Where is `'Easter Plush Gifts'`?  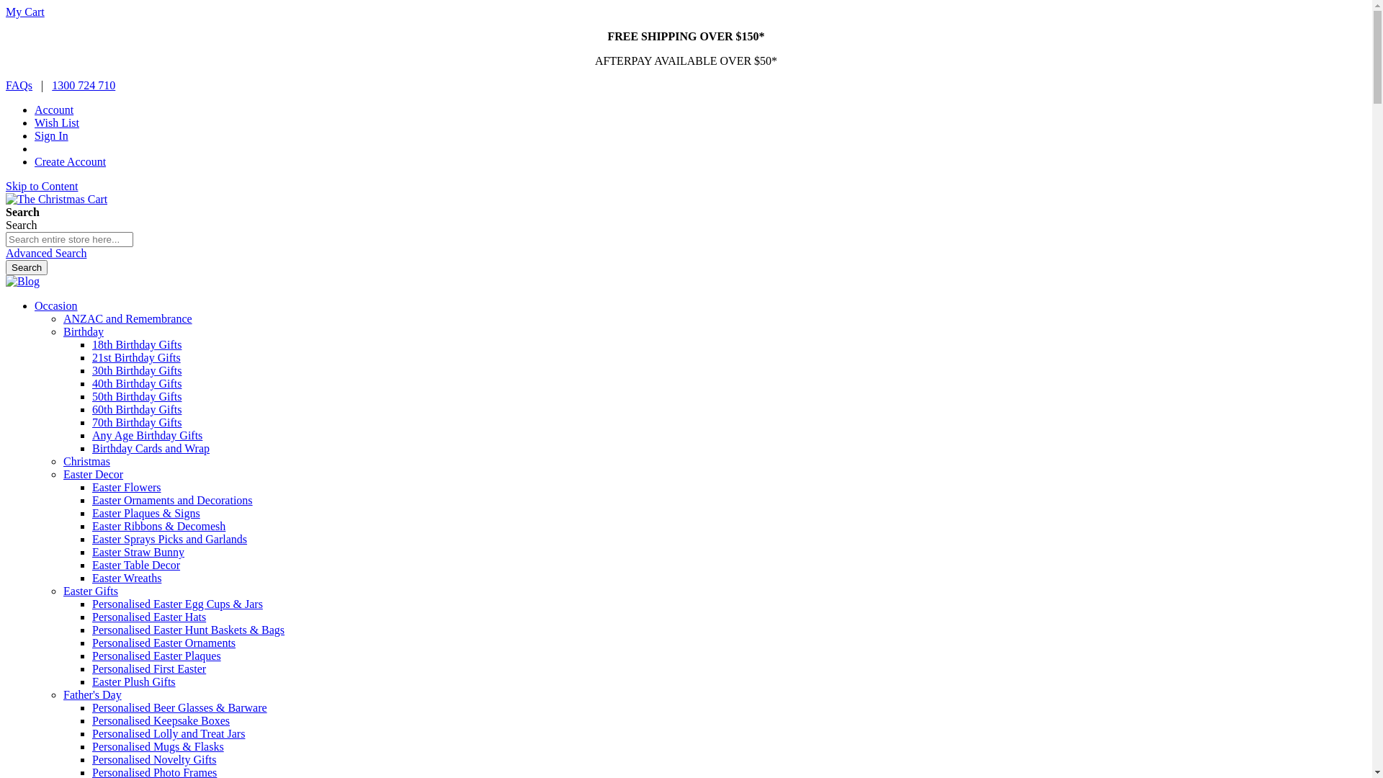
'Easter Plush Gifts' is located at coordinates (134, 681).